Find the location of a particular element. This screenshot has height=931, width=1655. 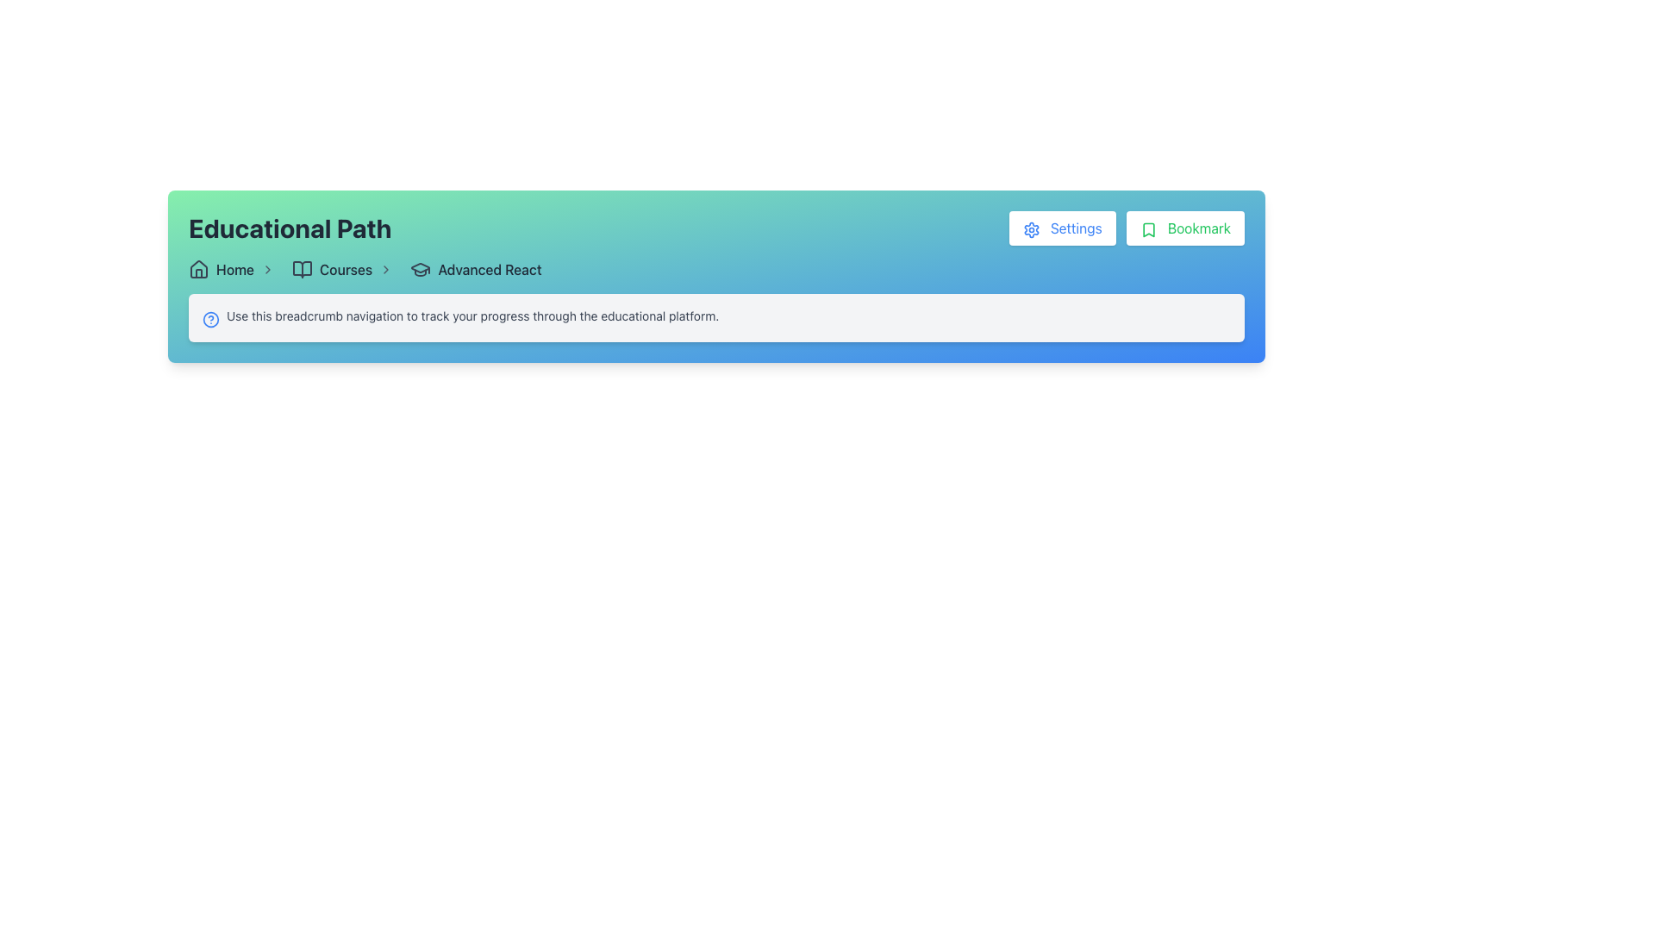

the green bookmark icon located inside the button adjacent to the 'Bookmark' label is located at coordinates (1148, 228).